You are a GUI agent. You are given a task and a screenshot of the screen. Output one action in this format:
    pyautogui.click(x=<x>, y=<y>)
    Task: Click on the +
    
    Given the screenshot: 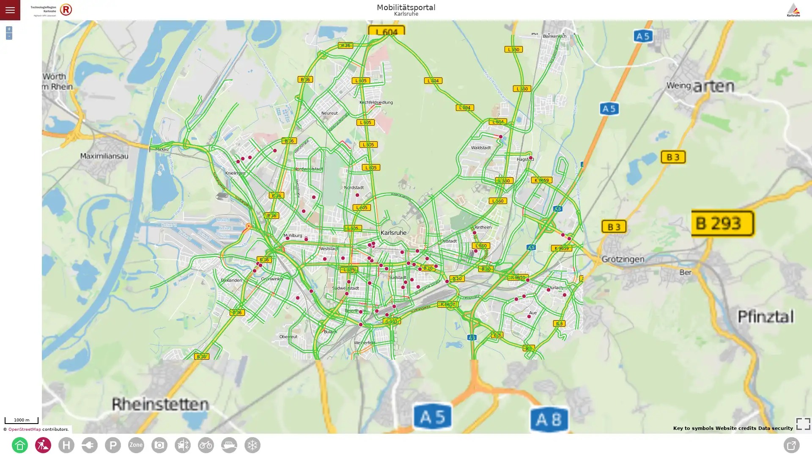 What is the action you would take?
    pyautogui.click(x=9, y=29)
    